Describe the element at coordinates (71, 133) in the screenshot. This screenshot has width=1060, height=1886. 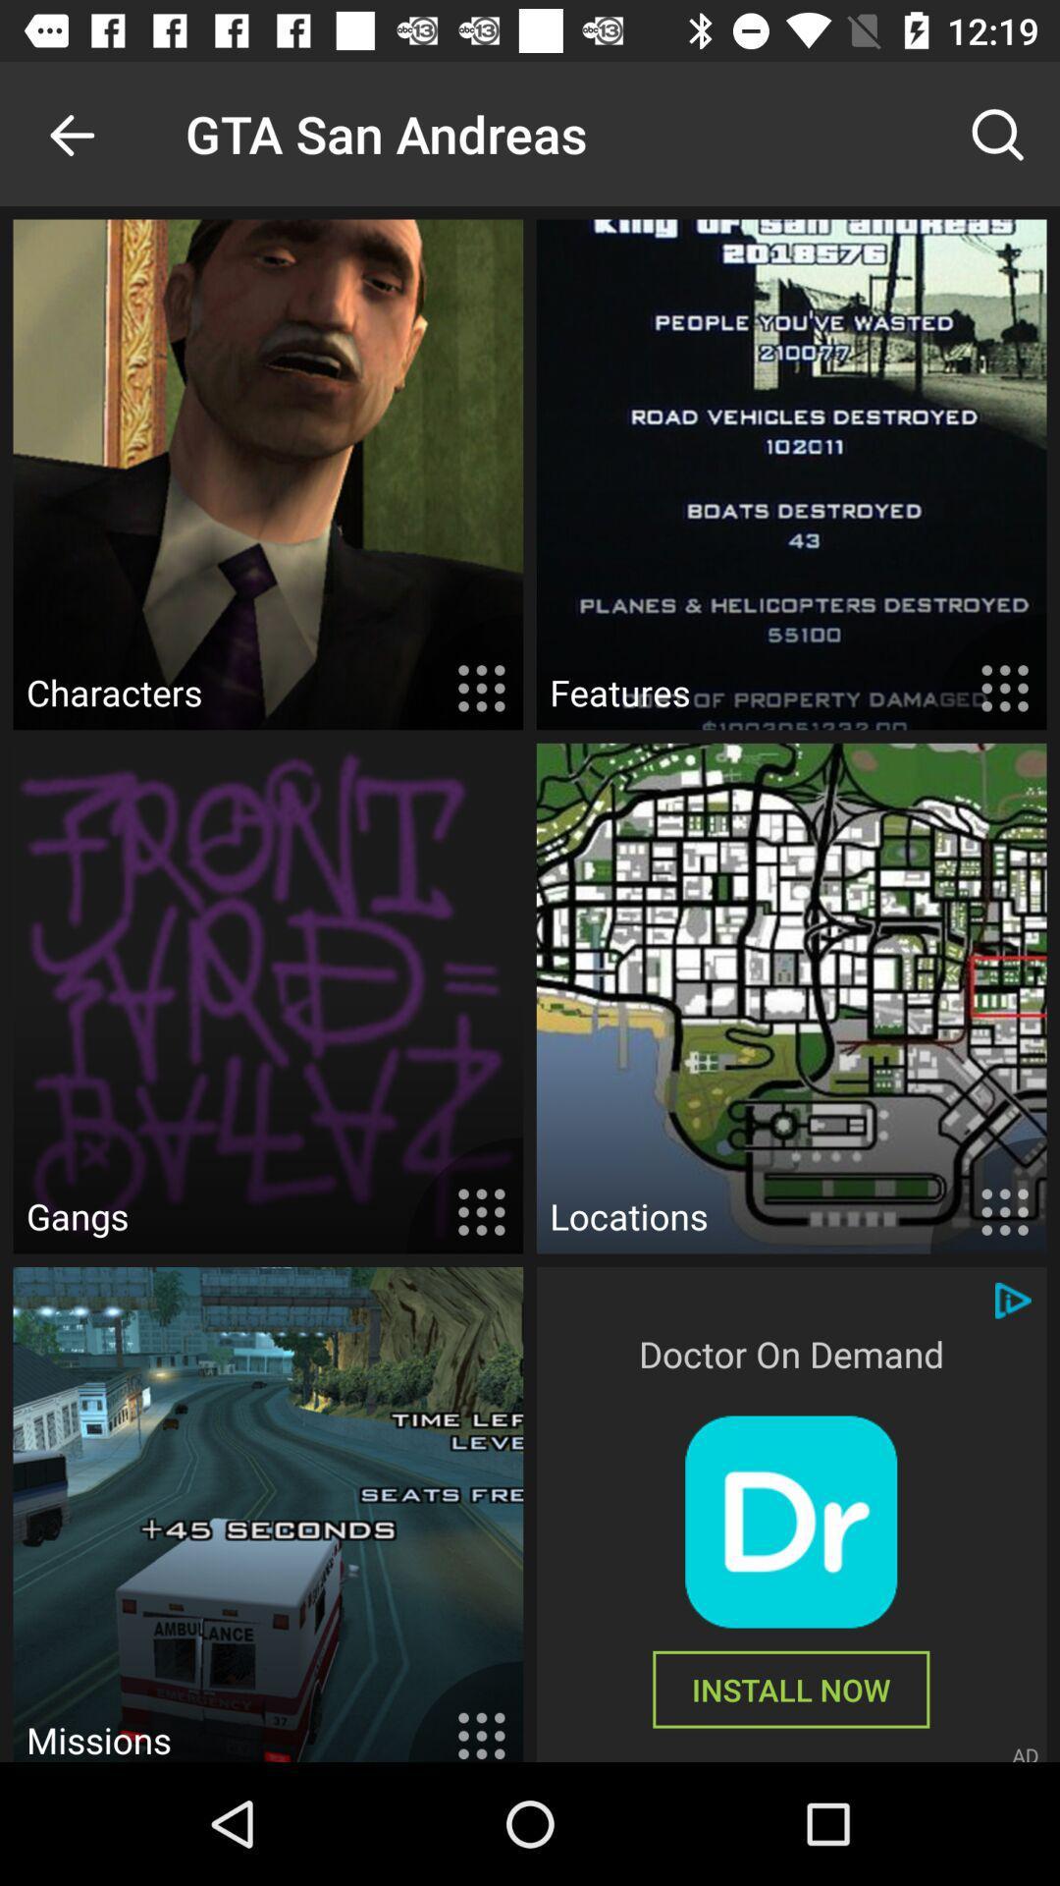
I see `the item to the left of gta san andreas` at that location.